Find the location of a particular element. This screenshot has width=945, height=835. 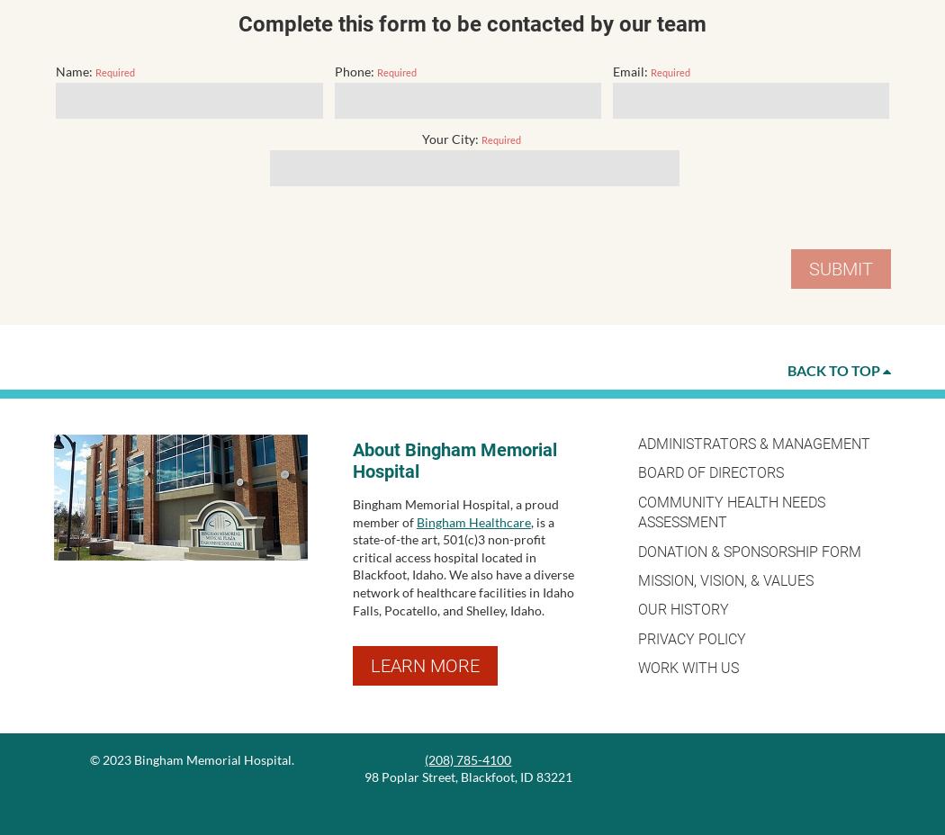

'Bingham Memorial Hospital, a proud member of' is located at coordinates (454, 511).